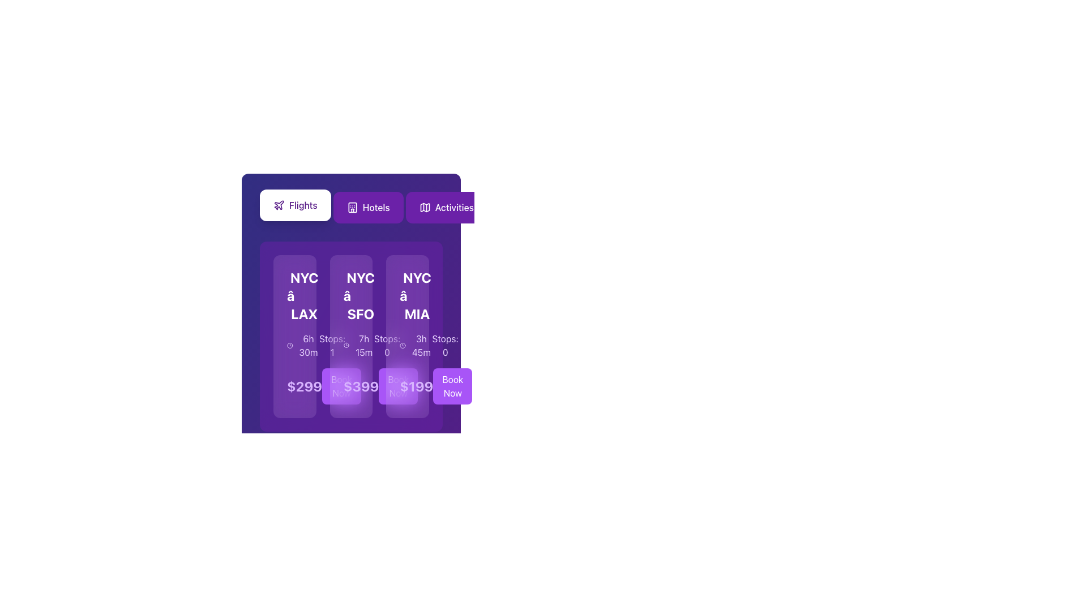 Image resolution: width=1087 pixels, height=611 pixels. What do you see at coordinates (332, 345) in the screenshot?
I see `the static text label displaying 'Stops: 1' in white on a purple background, located under '6h 30m' in the flight information section` at bounding box center [332, 345].